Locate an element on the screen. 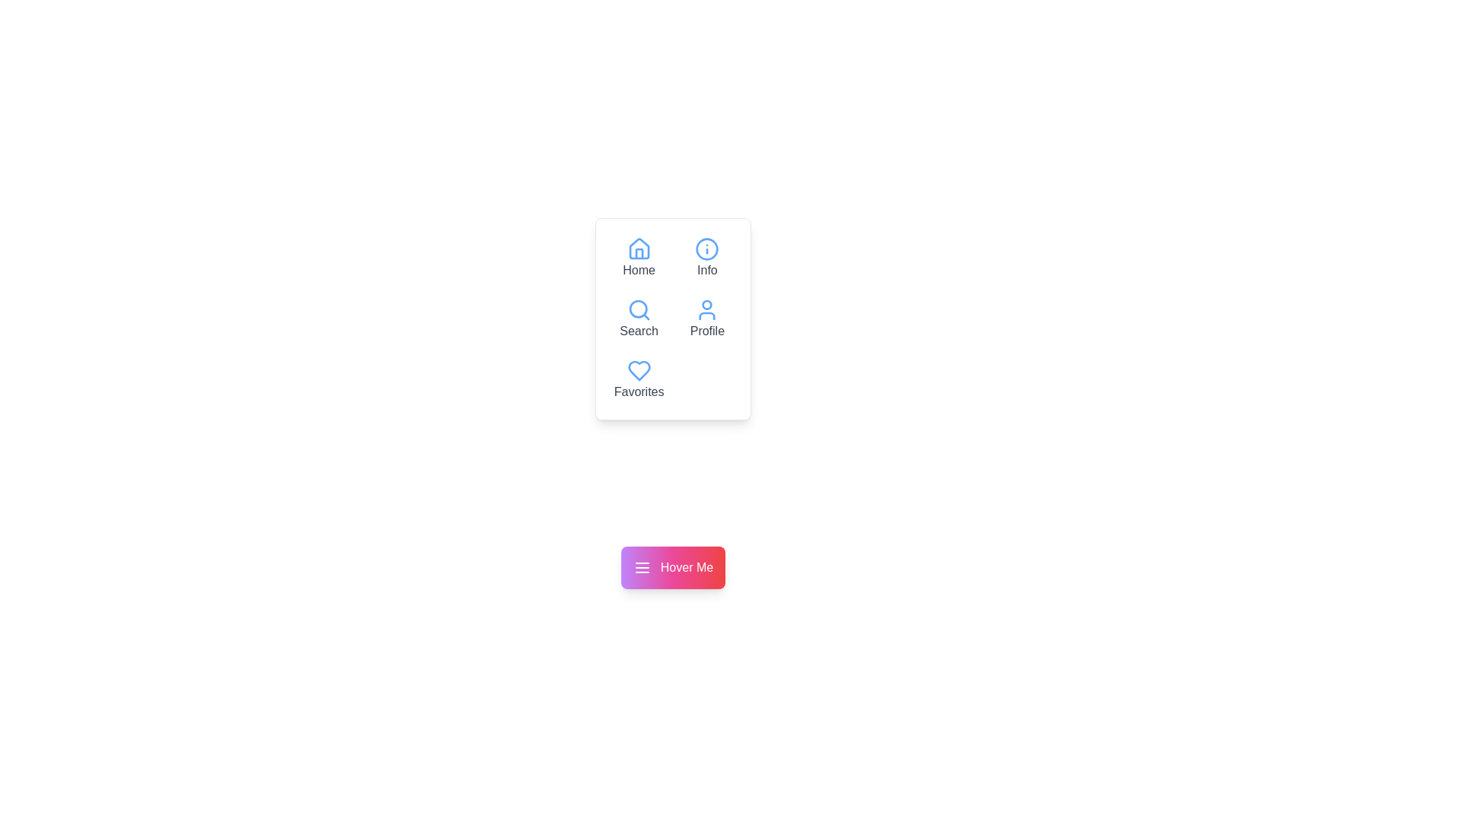 This screenshot has height=821, width=1460. the circular element inside the blue information icon located in the top-right corner of the navigation card is located at coordinates (706, 248).